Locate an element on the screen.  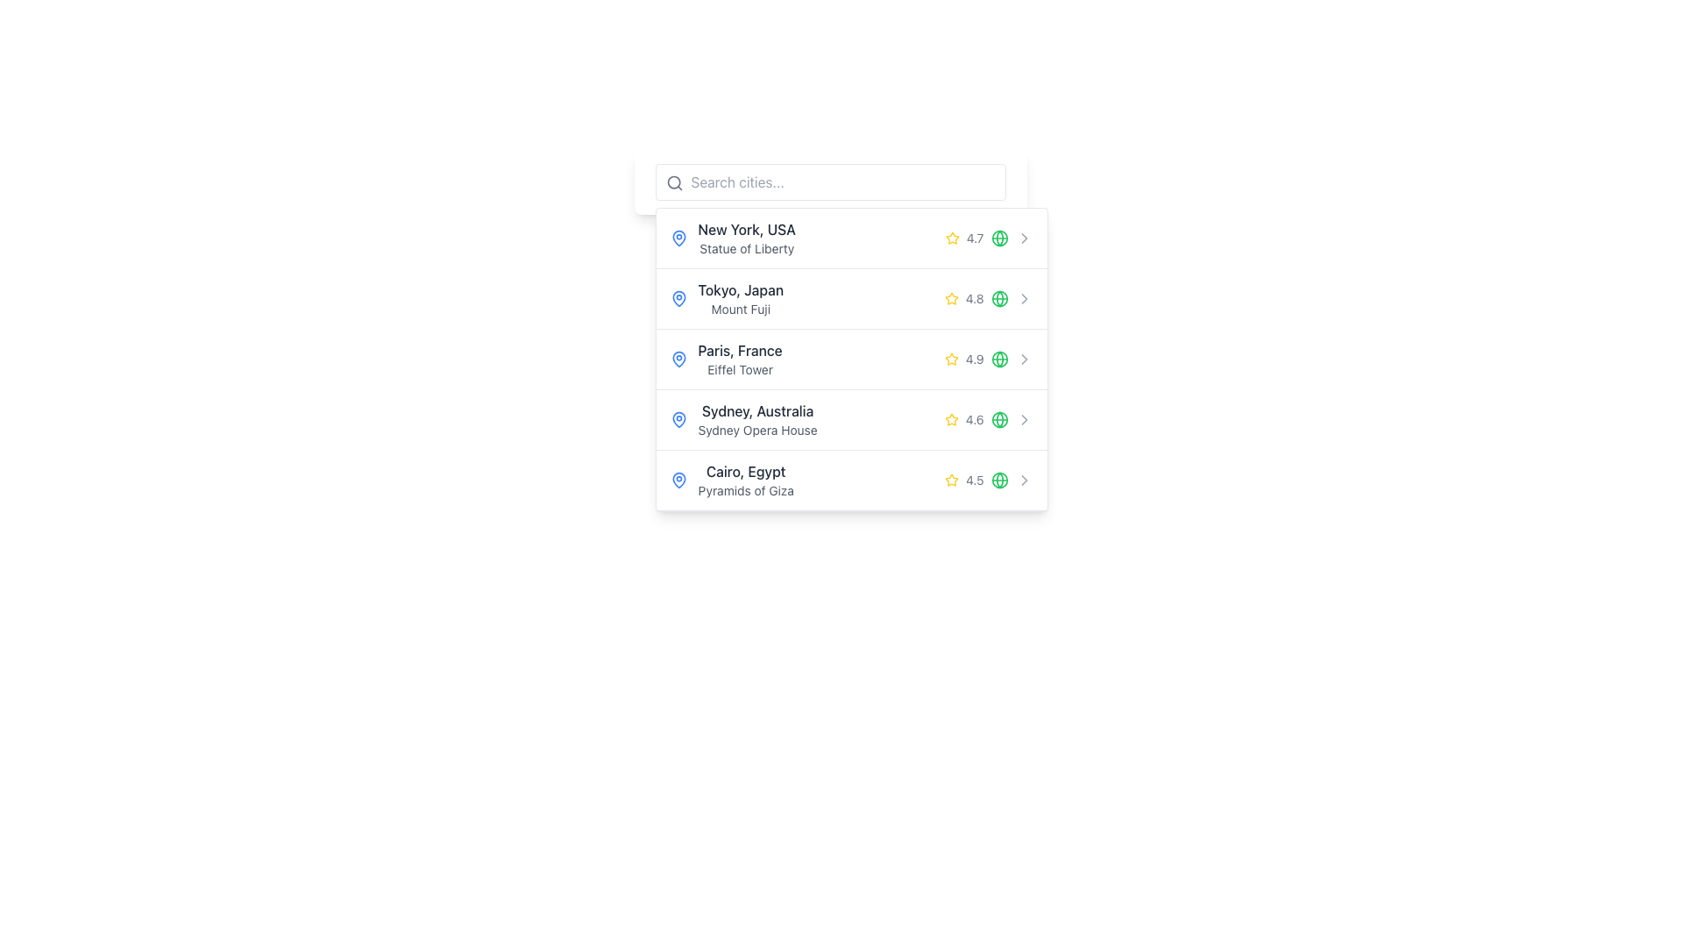
the star-shaped yellow icon representing a rating of 4.9 next to 'Paris, France' is located at coordinates (951, 238).